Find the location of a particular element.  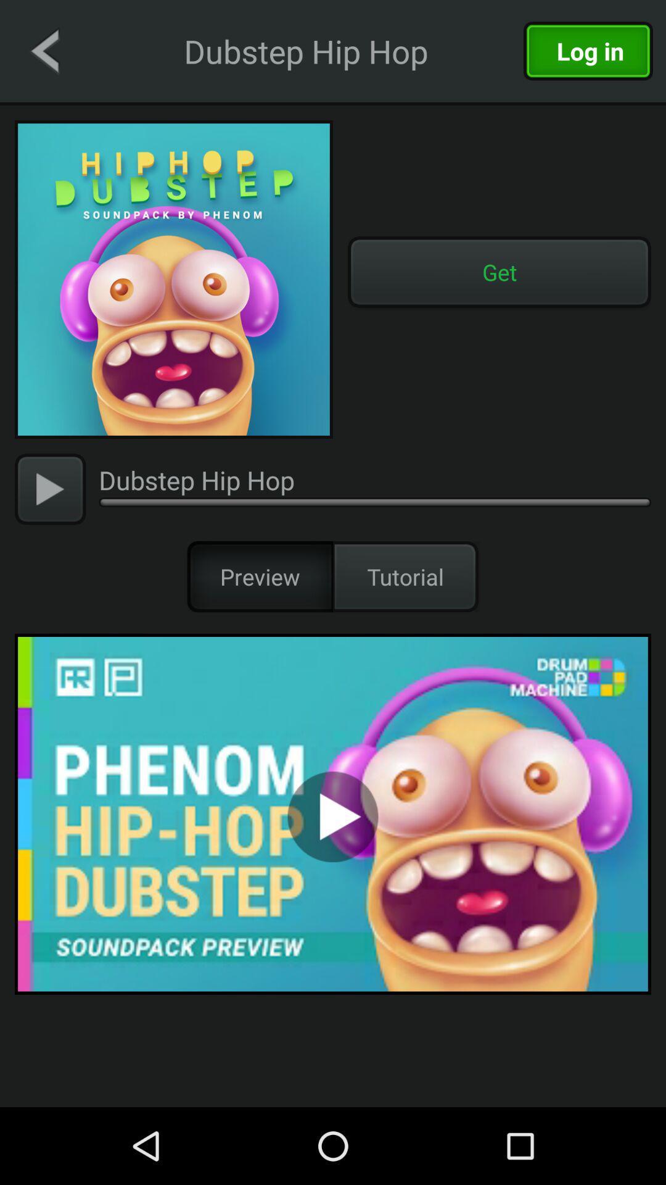

the play icon is located at coordinates (49, 488).